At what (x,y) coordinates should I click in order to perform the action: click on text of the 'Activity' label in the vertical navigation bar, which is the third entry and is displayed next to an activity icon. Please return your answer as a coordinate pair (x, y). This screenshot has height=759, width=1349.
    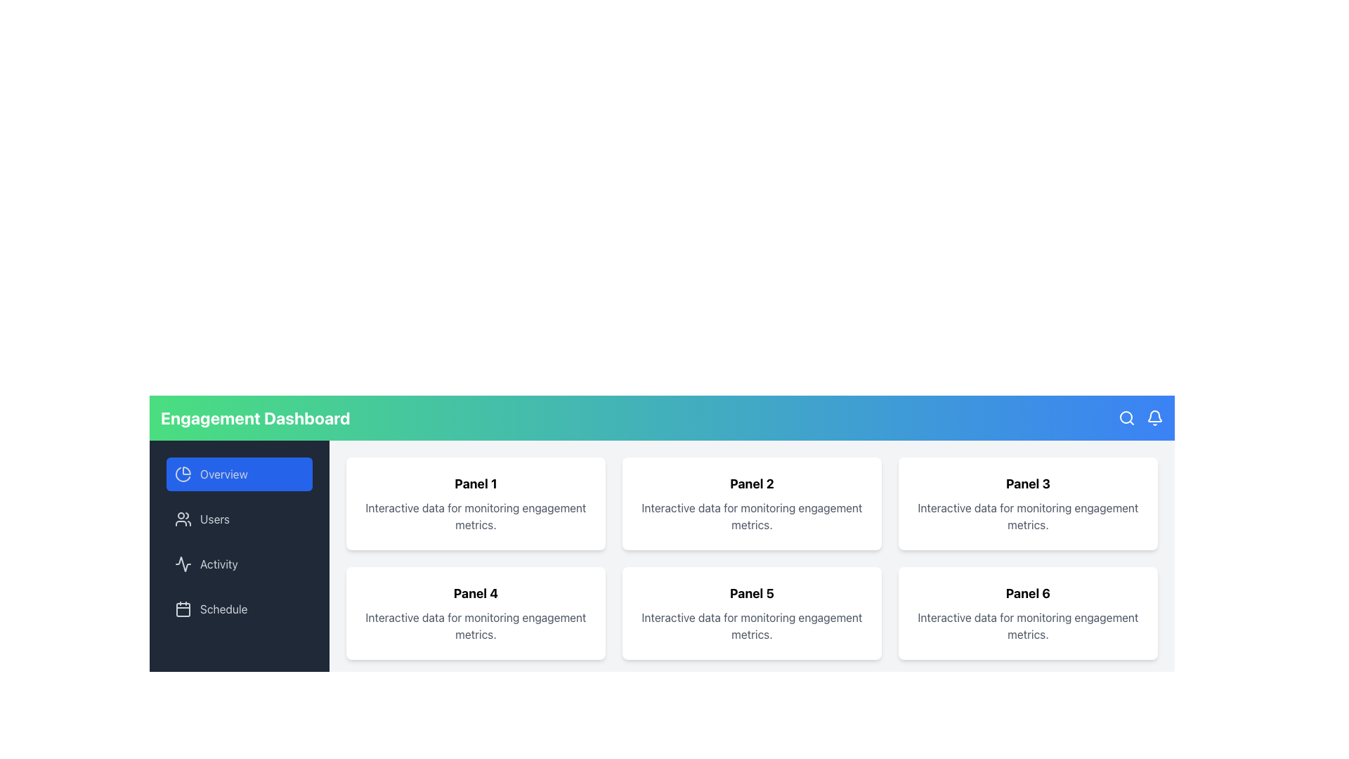
    Looking at the image, I should click on (219, 563).